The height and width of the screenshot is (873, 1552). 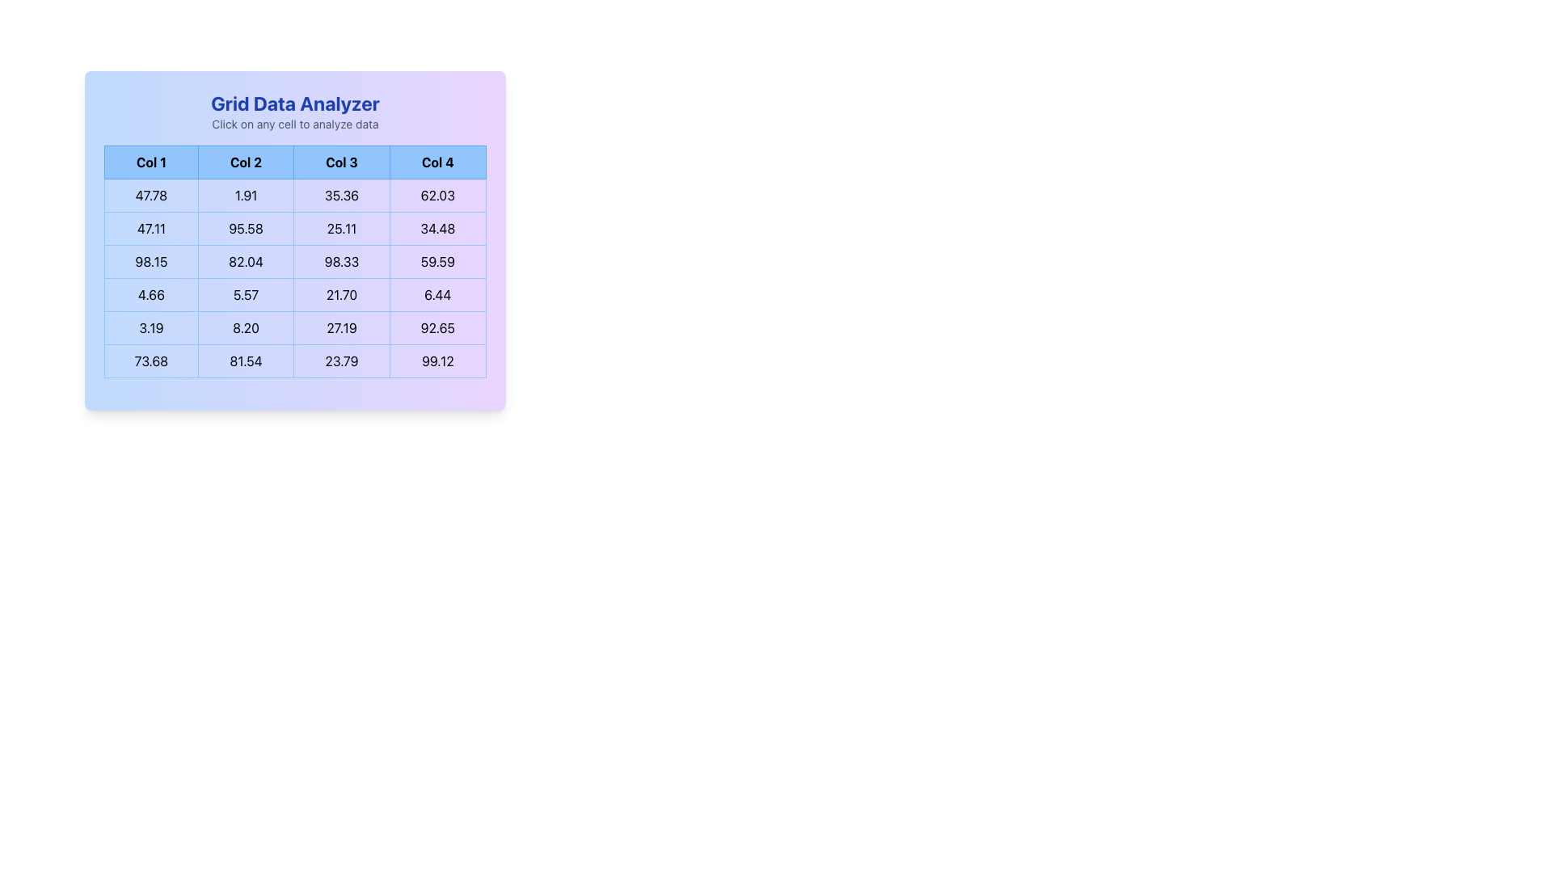 What do you see at coordinates (295, 124) in the screenshot?
I see `the static instructional text that provides instructions to interact with the grid, located centrally above the grid below the title 'Grid Data Analyzer'` at bounding box center [295, 124].